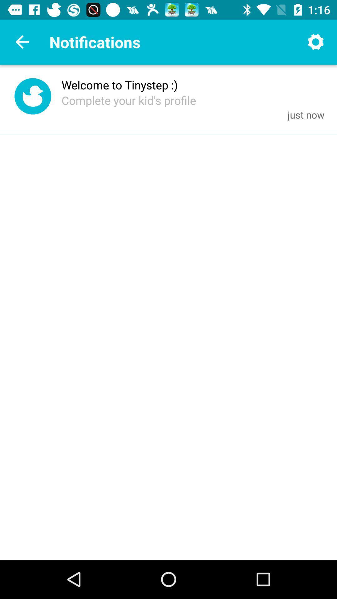  What do you see at coordinates (128, 100) in the screenshot?
I see `complete your kid` at bounding box center [128, 100].